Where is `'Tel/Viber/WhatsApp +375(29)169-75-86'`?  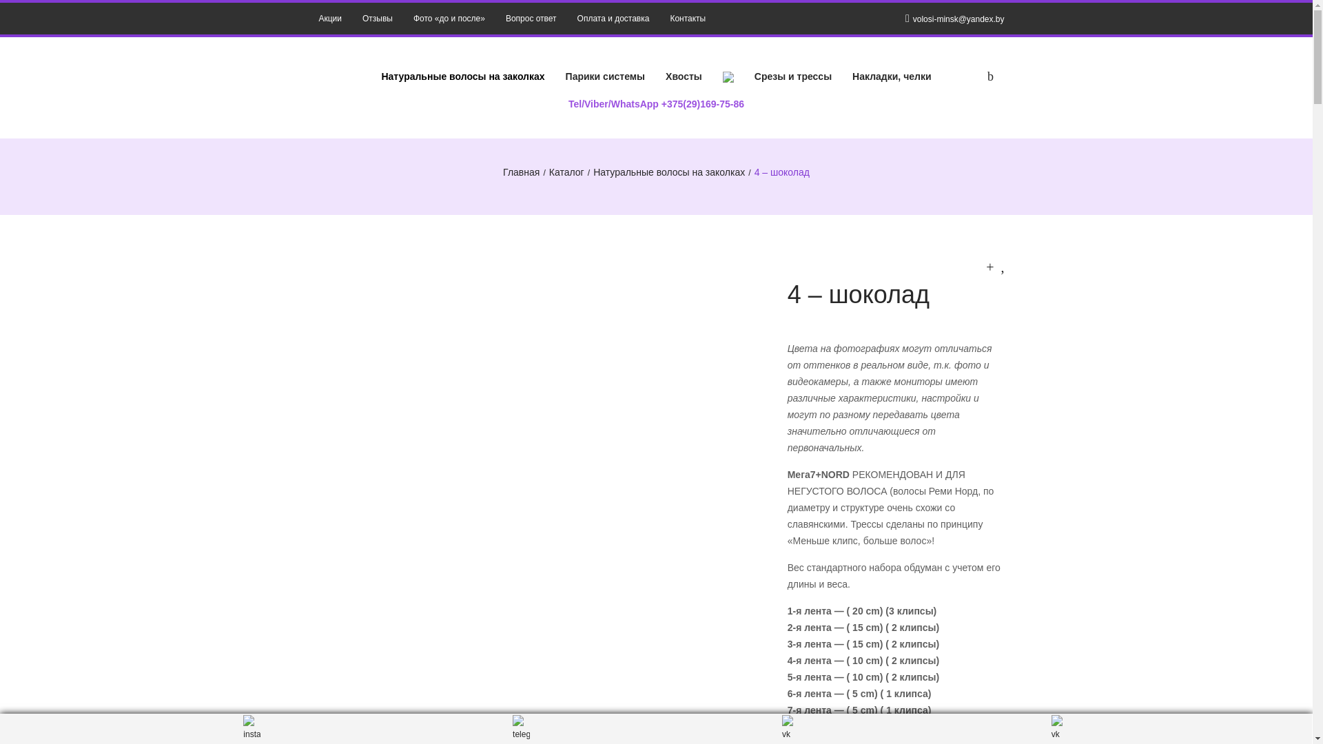 'Tel/Viber/WhatsApp +375(29)169-75-86' is located at coordinates (655, 103).